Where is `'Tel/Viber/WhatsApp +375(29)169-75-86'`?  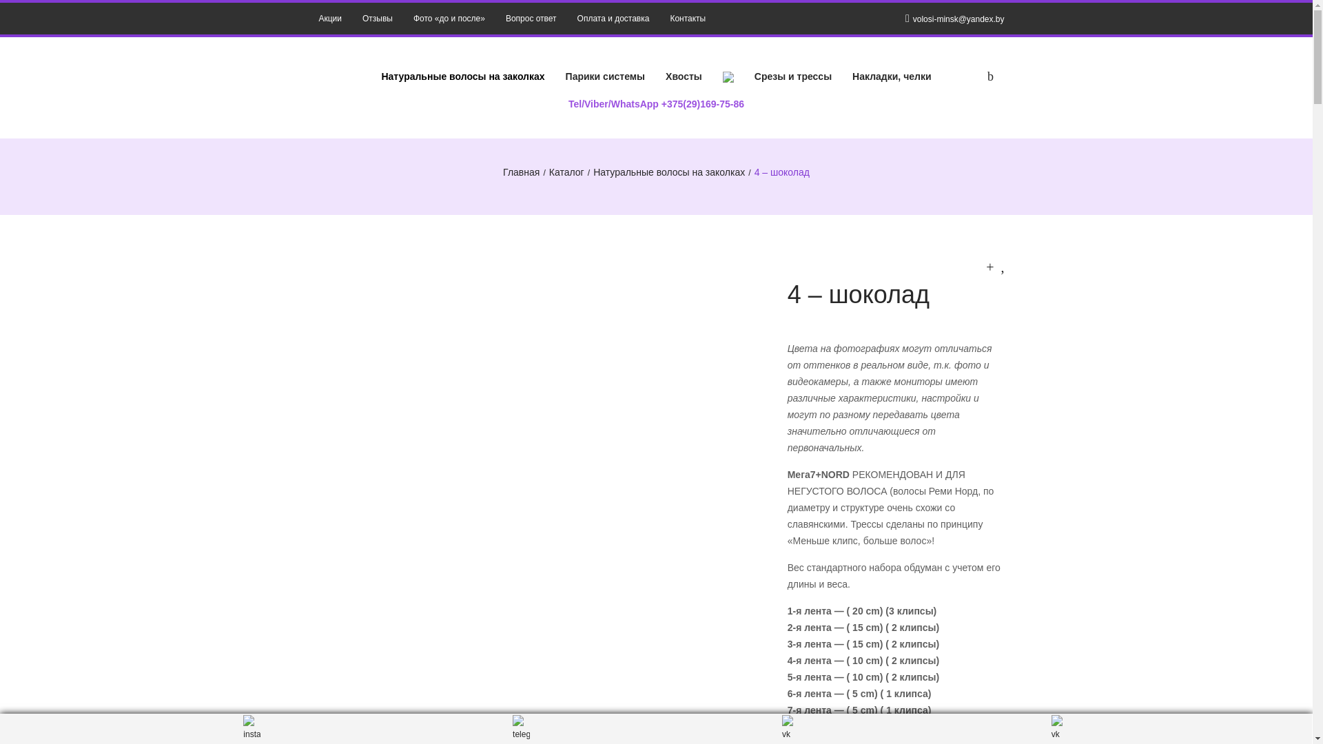 'Tel/Viber/WhatsApp +375(29)169-75-86' is located at coordinates (655, 103).